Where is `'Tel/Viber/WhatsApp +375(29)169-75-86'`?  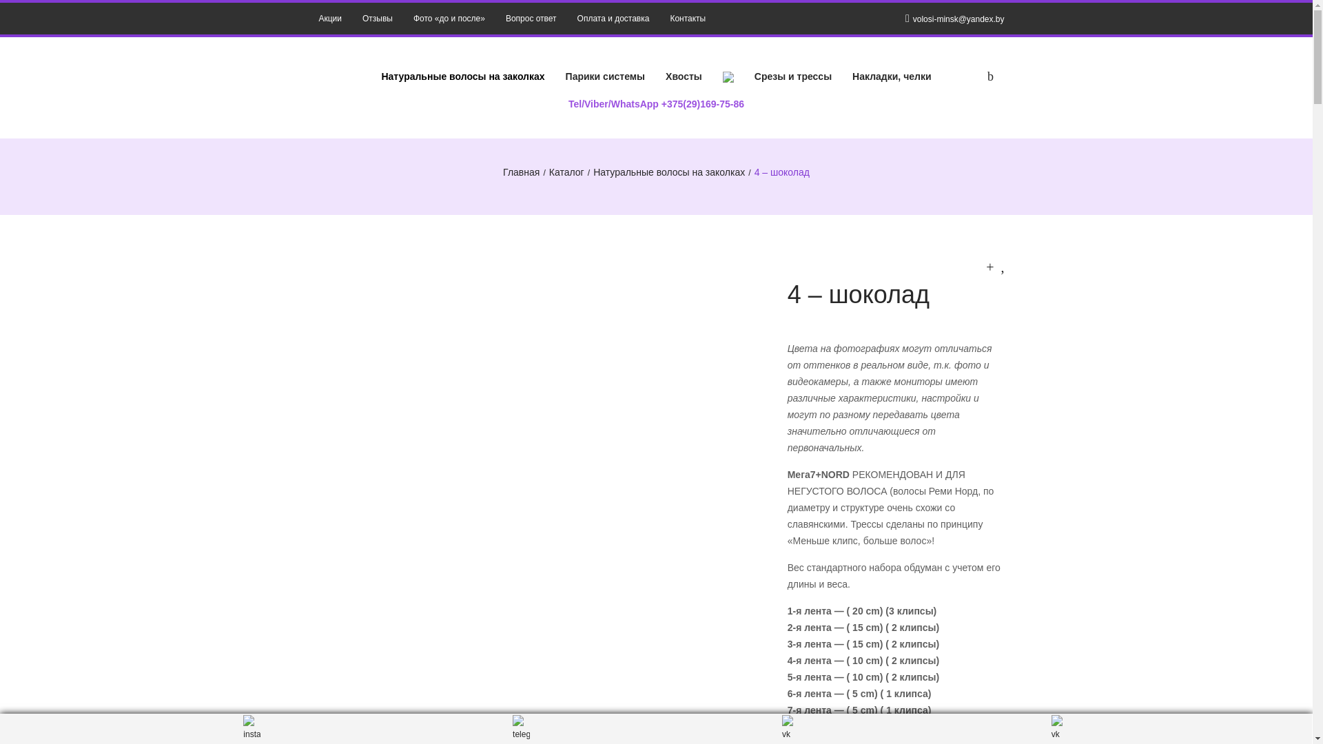 'Tel/Viber/WhatsApp +375(29)169-75-86' is located at coordinates (655, 103).